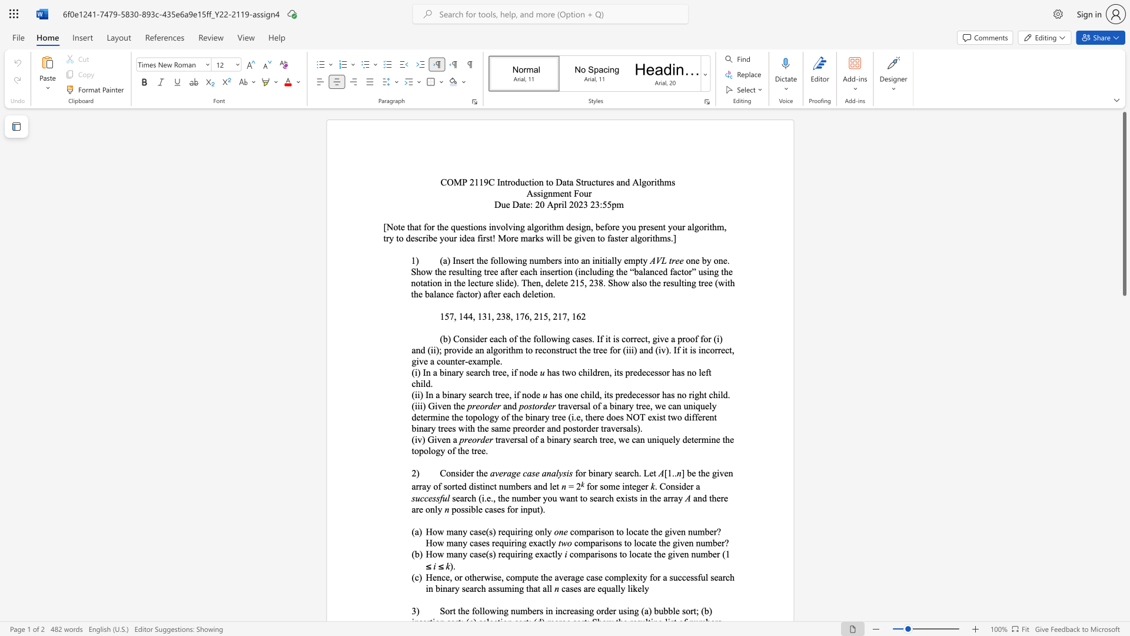 This screenshot has width=1130, height=636. Describe the element at coordinates (411, 498) in the screenshot. I see `the subset text "succ" within the text "successful"` at that location.